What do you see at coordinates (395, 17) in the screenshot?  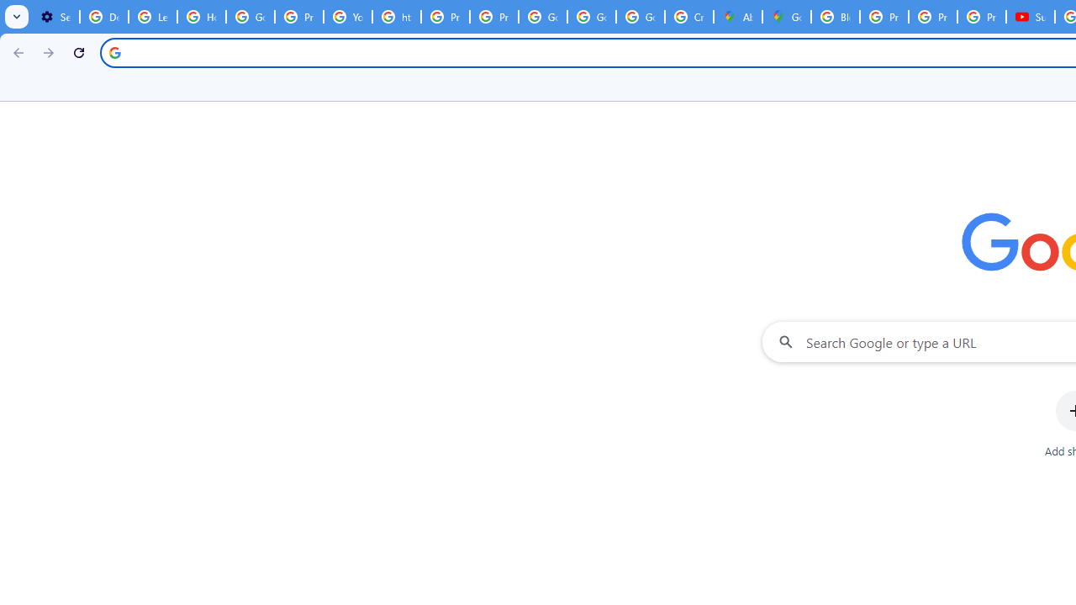 I see `'https://scholar.google.com/'` at bounding box center [395, 17].